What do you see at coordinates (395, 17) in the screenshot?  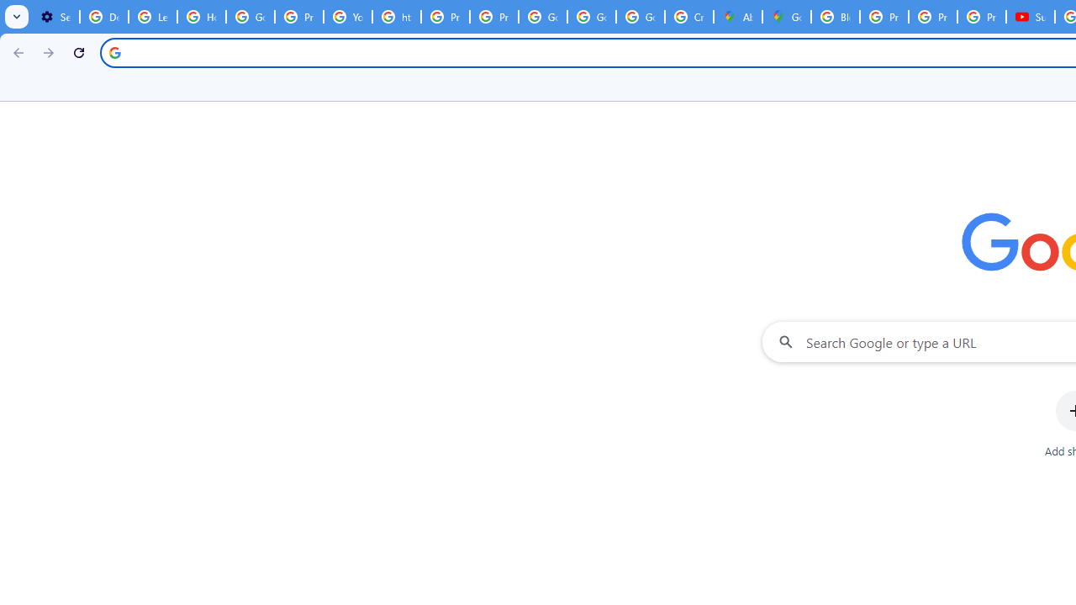 I see `'https://scholar.google.com/'` at bounding box center [395, 17].